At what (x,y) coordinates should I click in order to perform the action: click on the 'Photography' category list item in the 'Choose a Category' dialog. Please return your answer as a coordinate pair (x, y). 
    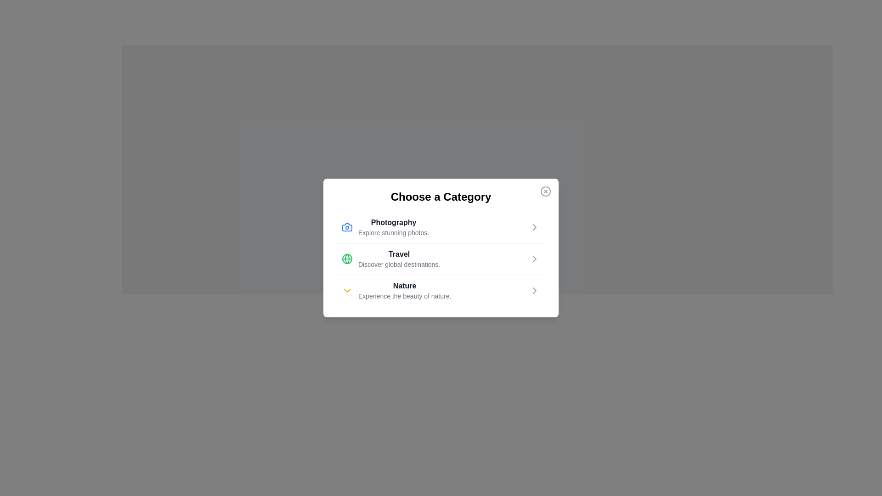
    Looking at the image, I should click on (441, 227).